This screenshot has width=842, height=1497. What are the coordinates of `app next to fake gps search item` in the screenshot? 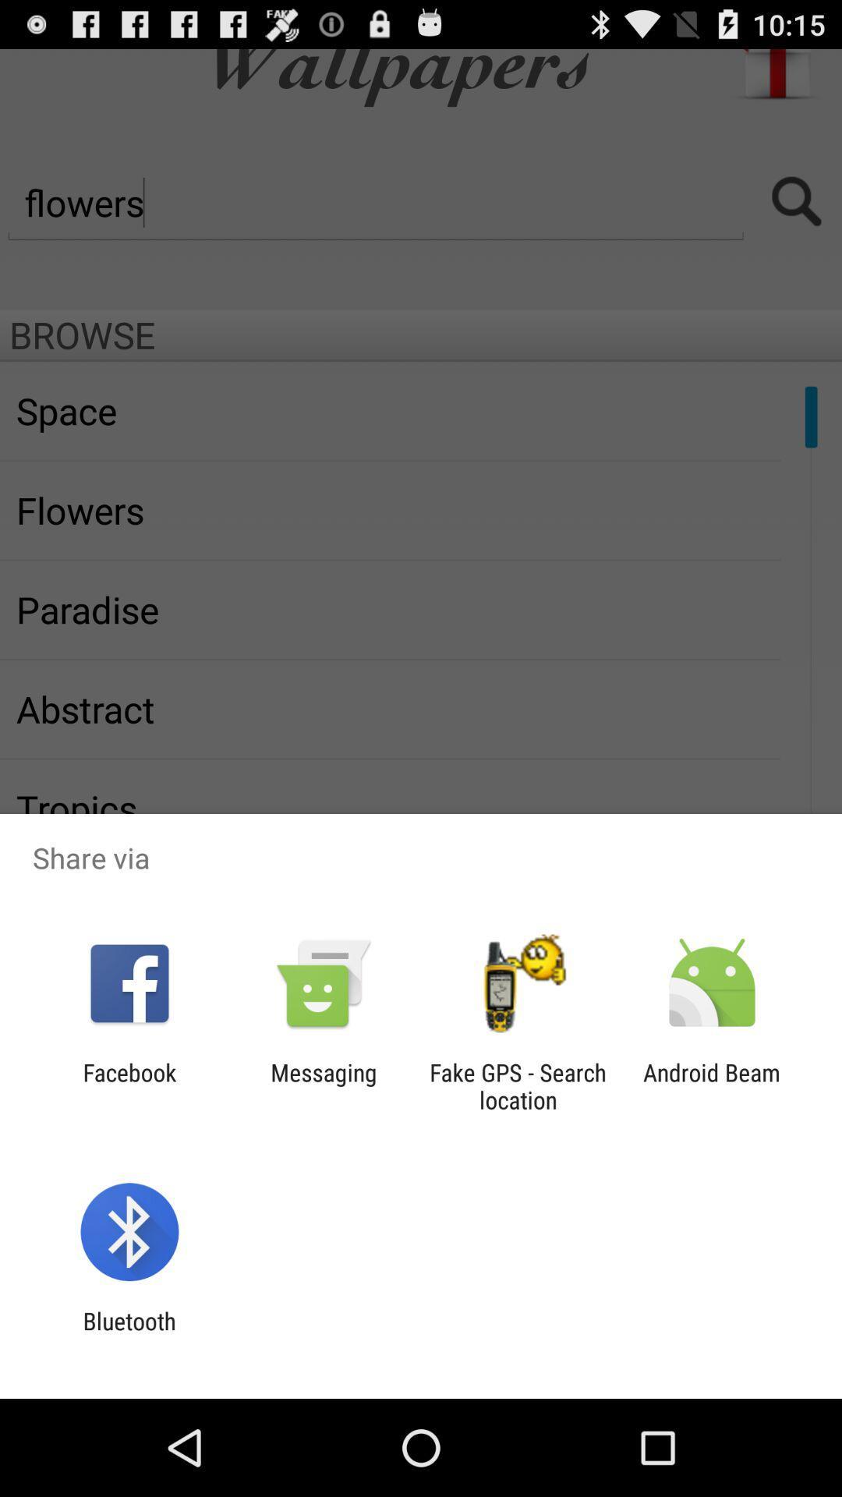 It's located at (712, 1085).